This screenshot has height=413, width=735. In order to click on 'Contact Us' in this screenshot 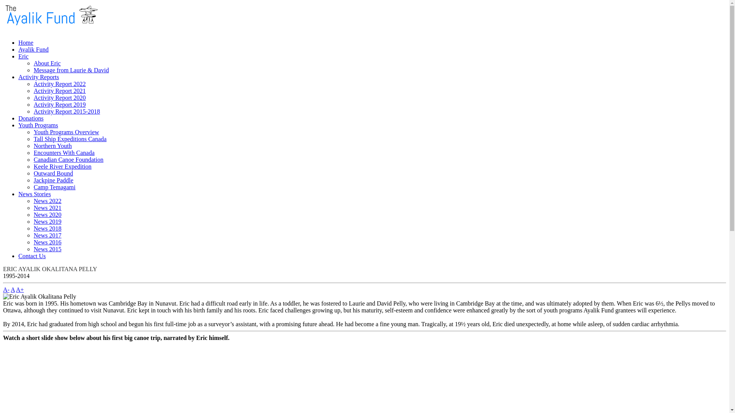, I will do `click(31, 256)`.